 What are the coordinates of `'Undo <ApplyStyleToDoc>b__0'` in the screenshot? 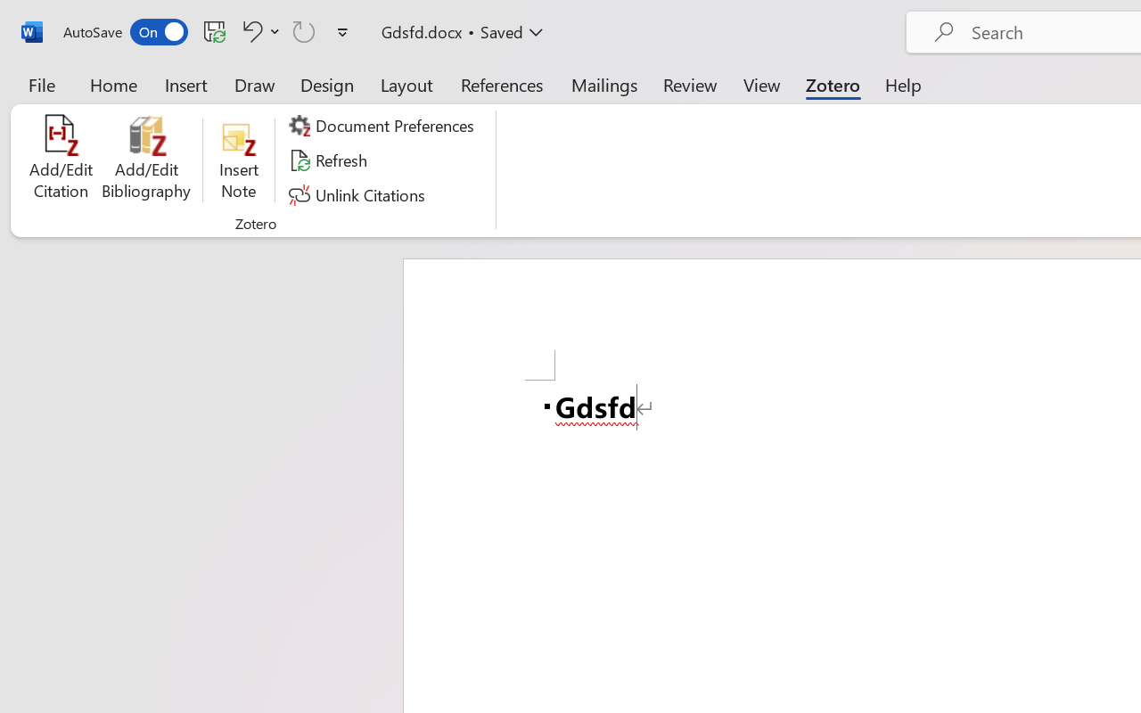 It's located at (249, 30).